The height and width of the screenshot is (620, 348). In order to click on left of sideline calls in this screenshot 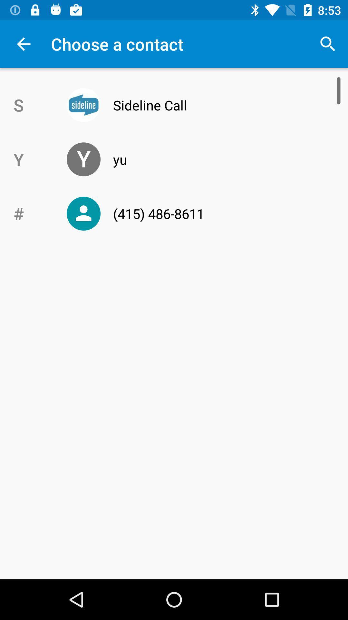, I will do `click(83, 105)`.